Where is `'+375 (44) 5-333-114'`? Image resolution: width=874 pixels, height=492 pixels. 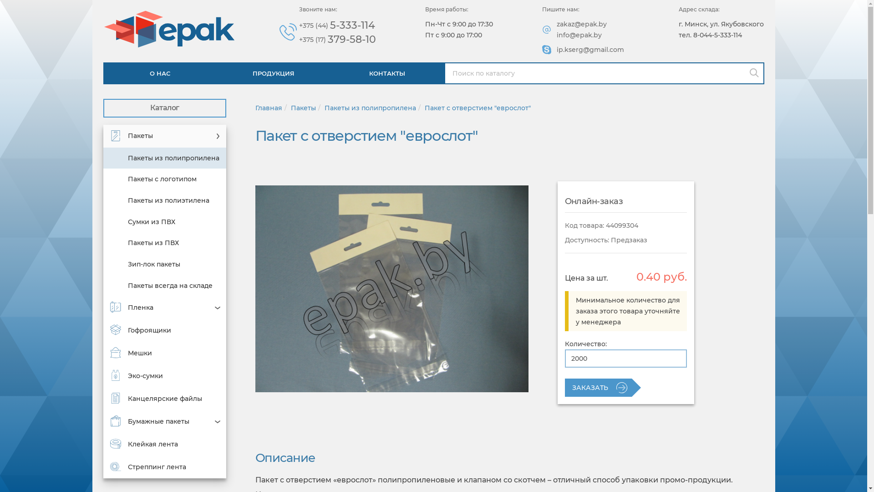 '+375 (44) 5-333-114' is located at coordinates (337, 25).